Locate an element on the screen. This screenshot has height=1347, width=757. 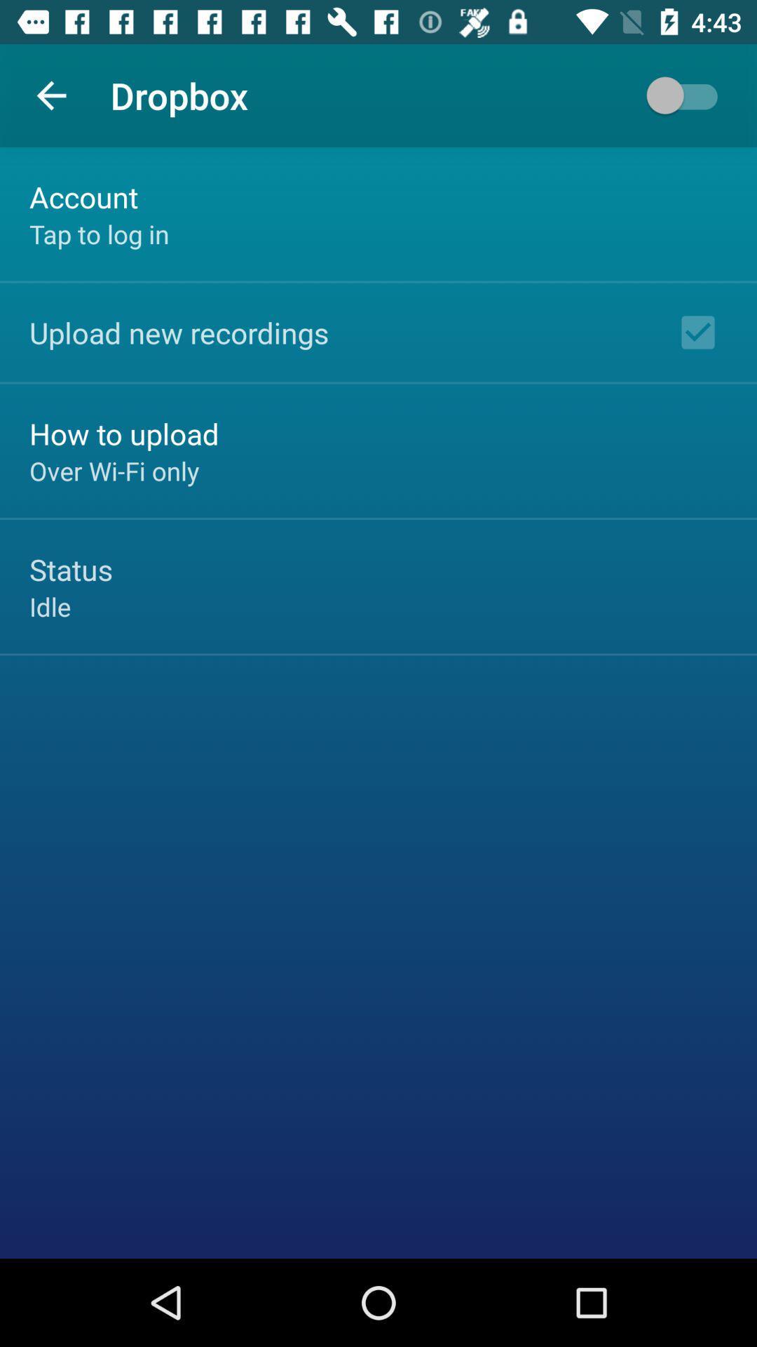
icon above the idle icon is located at coordinates (71, 569).